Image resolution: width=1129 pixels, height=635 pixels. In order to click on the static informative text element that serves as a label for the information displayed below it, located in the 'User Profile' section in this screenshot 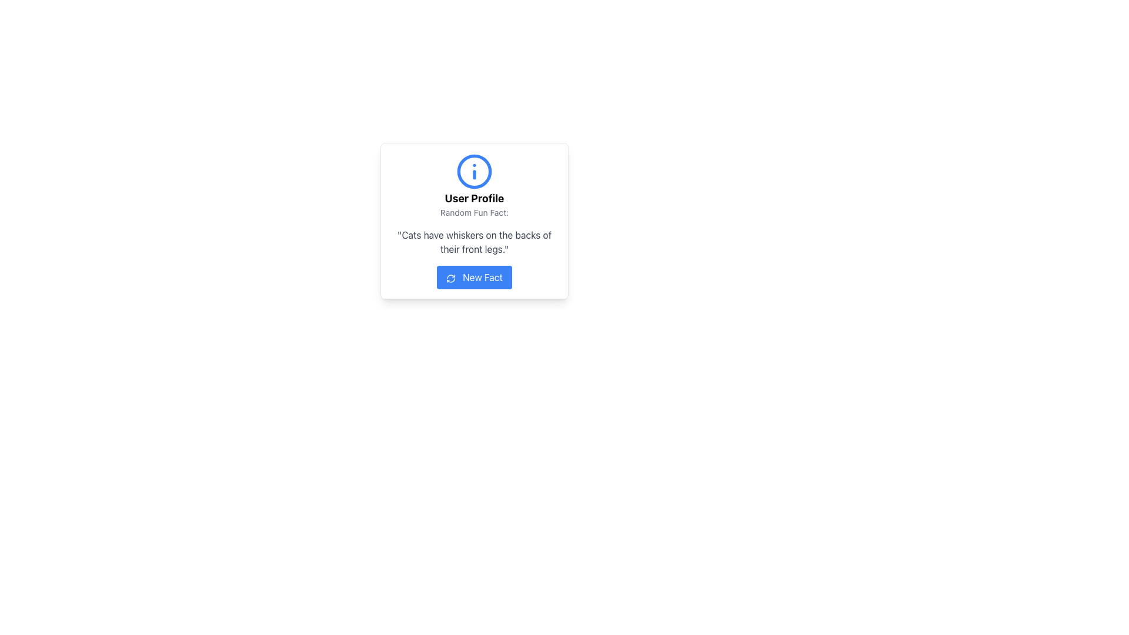, I will do `click(474, 213)`.